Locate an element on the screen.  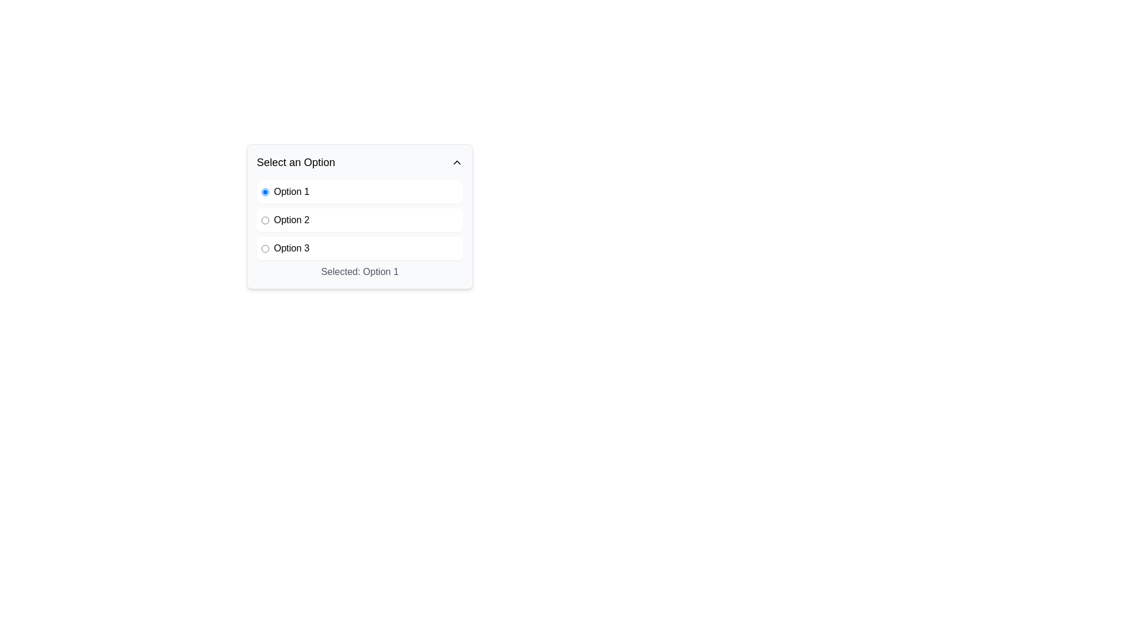
the second radio button labeled 'Option 2' is located at coordinates (264, 220).